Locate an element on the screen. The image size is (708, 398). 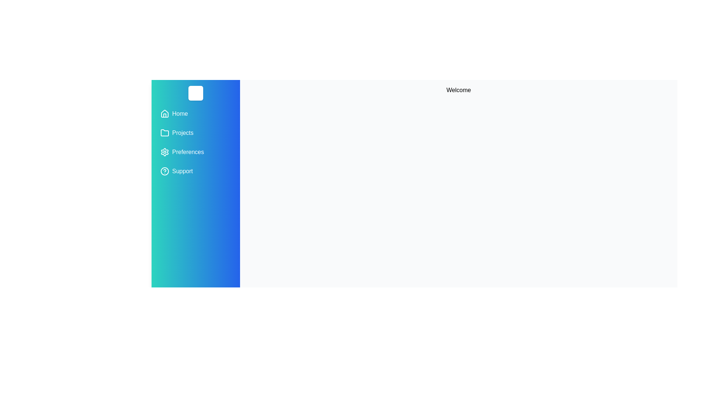
the menu item Home from the drawer is located at coordinates (196, 114).